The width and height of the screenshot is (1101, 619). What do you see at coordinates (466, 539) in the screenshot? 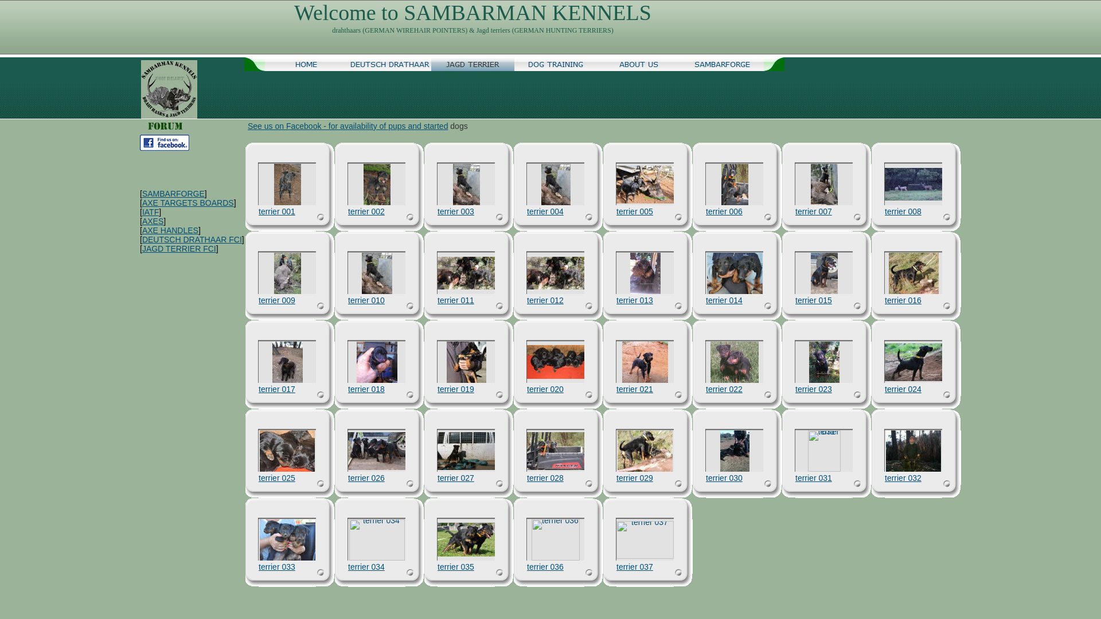
I see `'terrier 035'` at bounding box center [466, 539].